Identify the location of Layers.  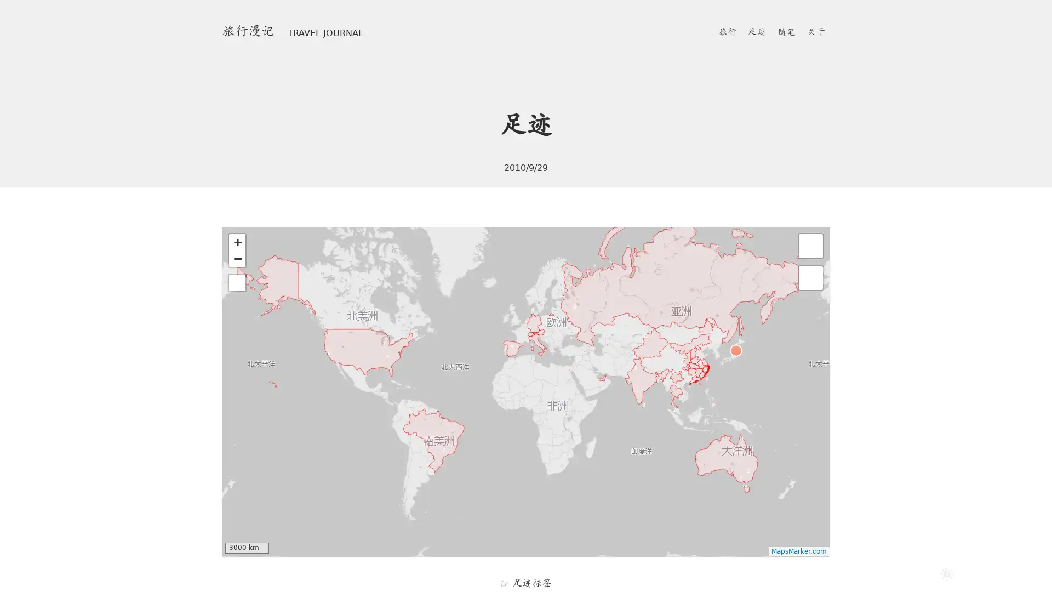
(810, 244).